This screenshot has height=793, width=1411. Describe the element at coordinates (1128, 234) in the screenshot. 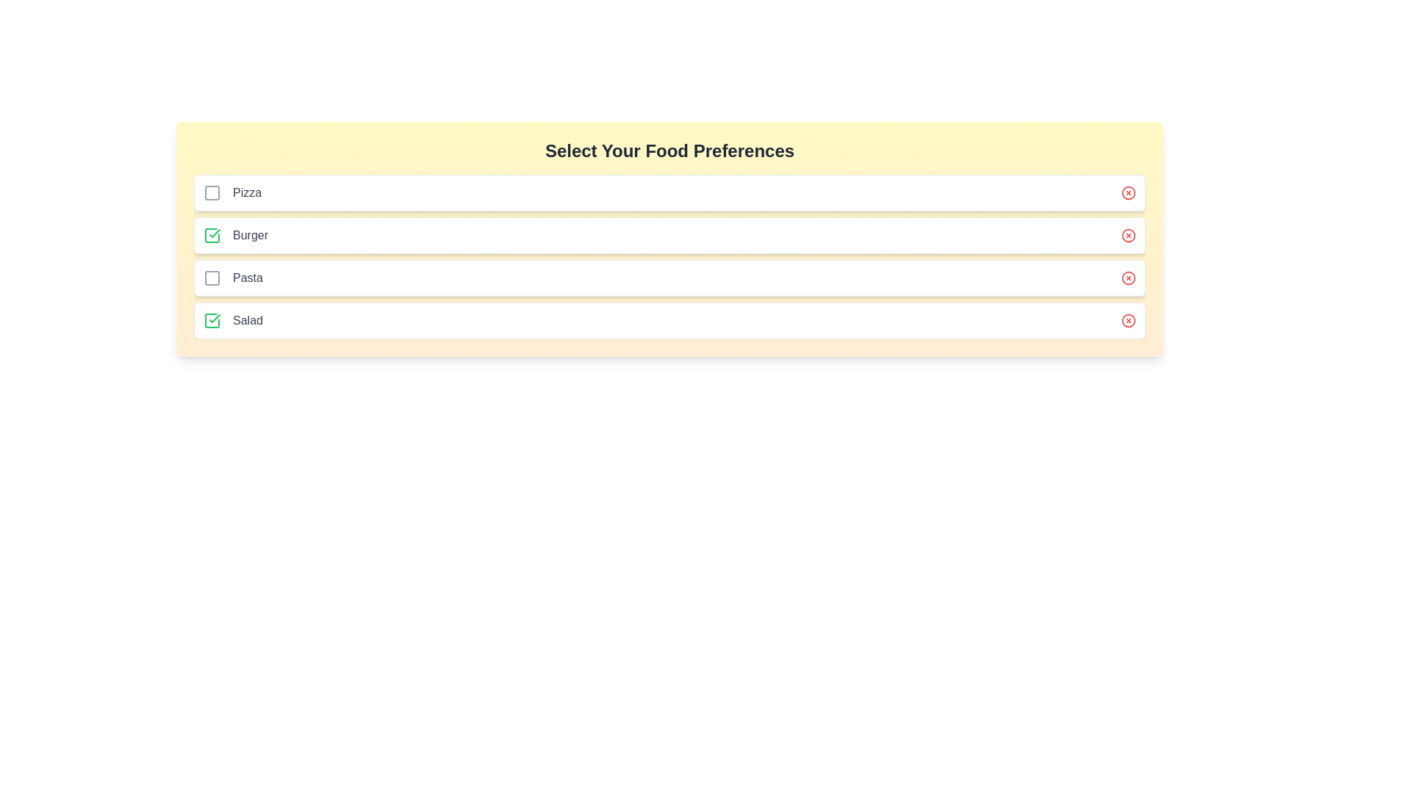

I see `the button that removes or deselects the 'Burger' item, located to the far right of its row` at that location.